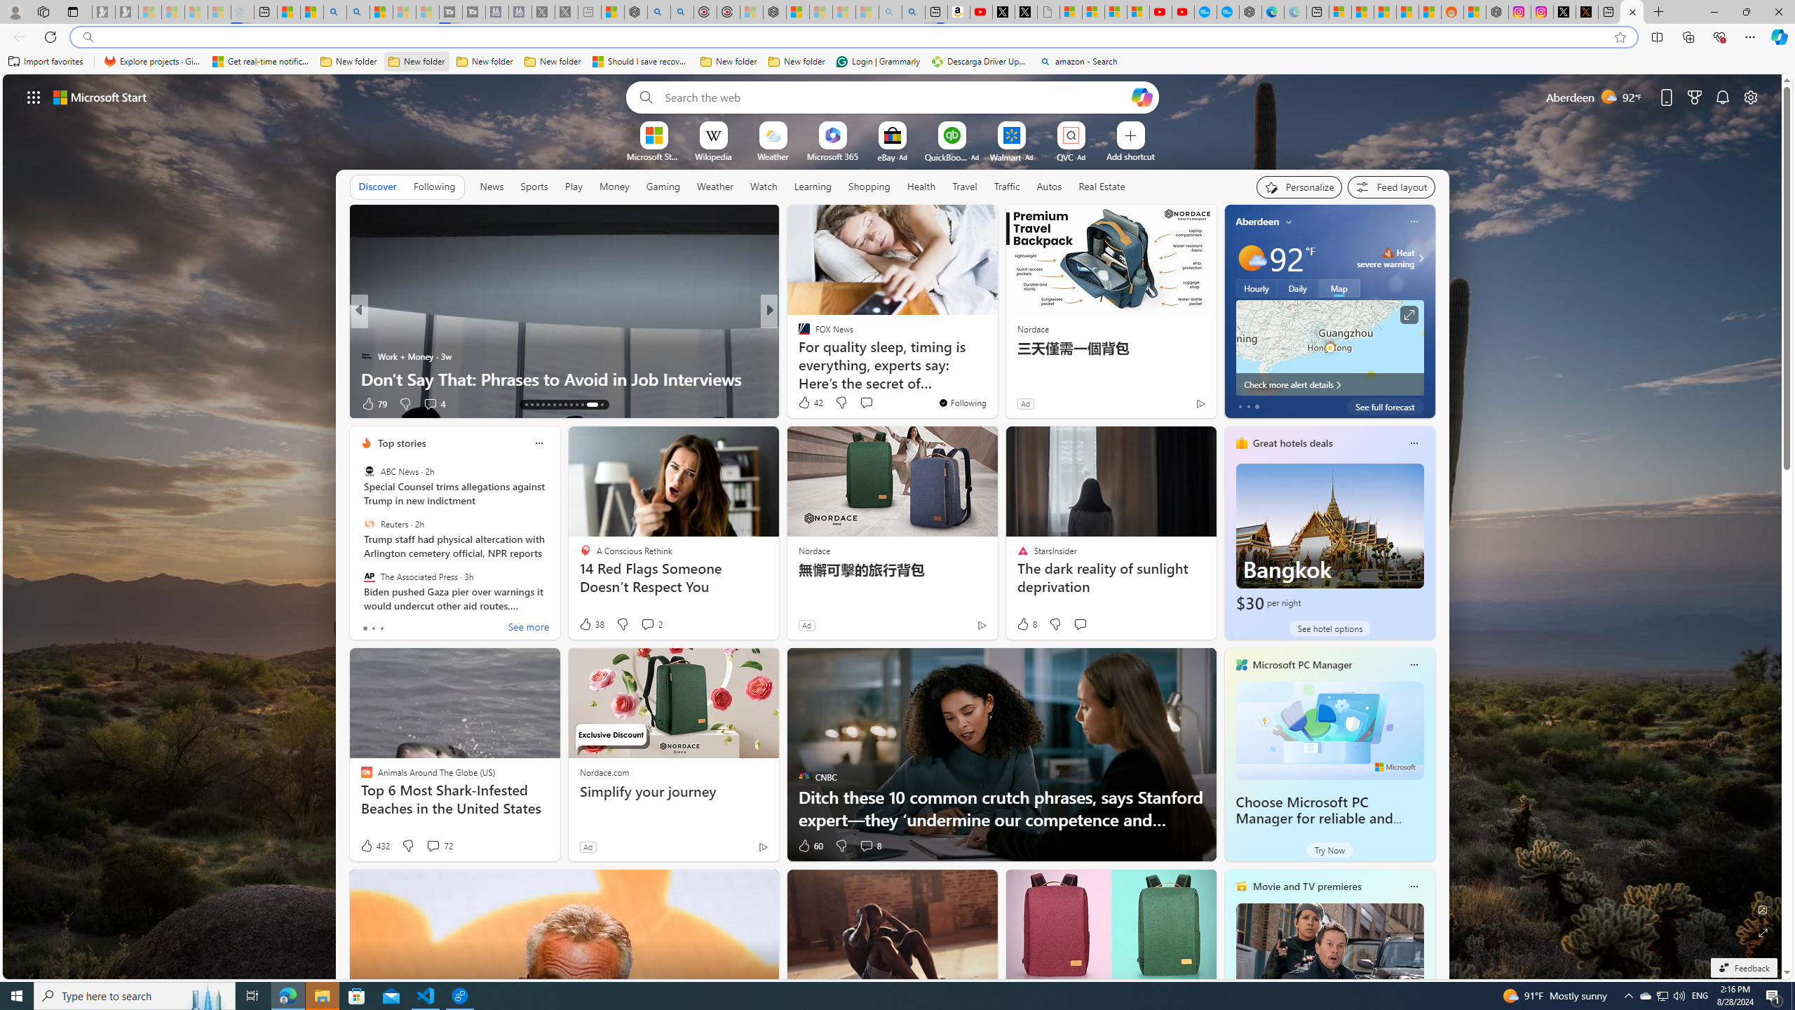 The image size is (1795, 1010). Describe the element at coordinates (46, 61) in the screenshot. I see `'Import favorites'` at that location.